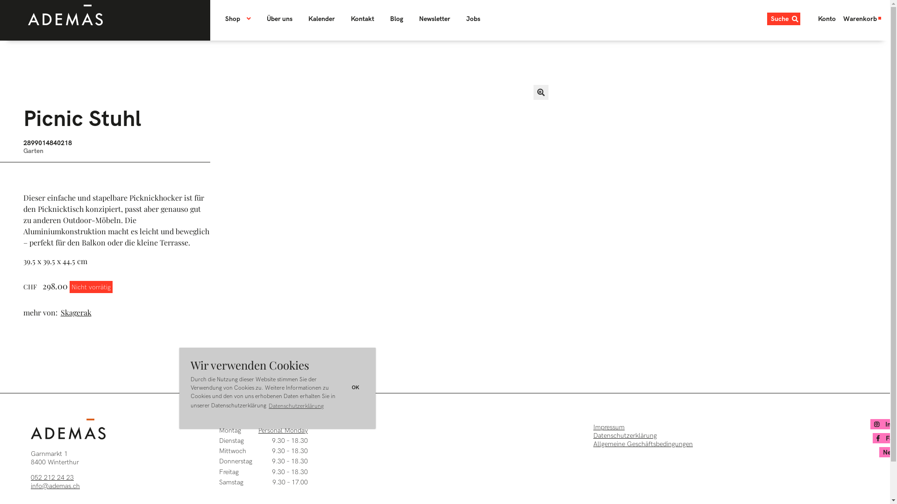 The height and width of the screenshot is (504, 897). What do you see at coordinates (434, 19) in the screenshot?
I see `'Newsletter'` at bounding box center [434, 19].